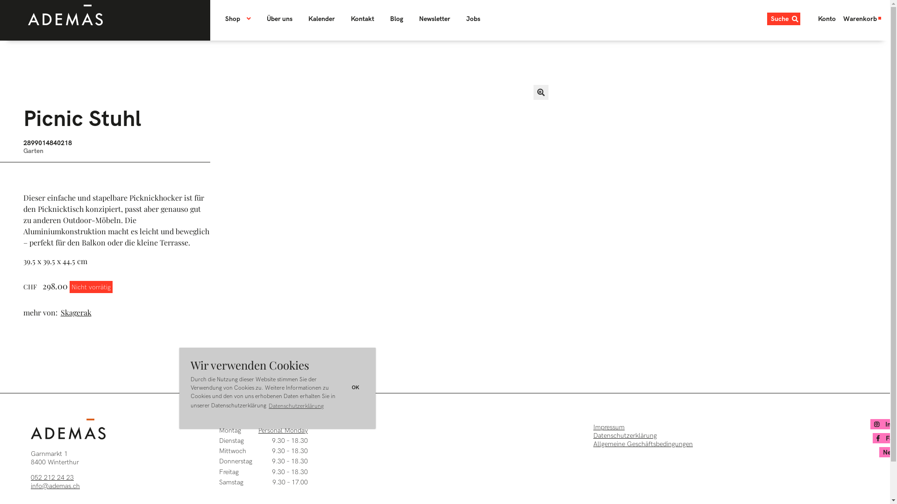 The height and width of the screenshot is (504, 897). What do you see at coordinates (434, 19) in the screenshot?
I see `'Newsletter'` at bounding box center [434, 19].